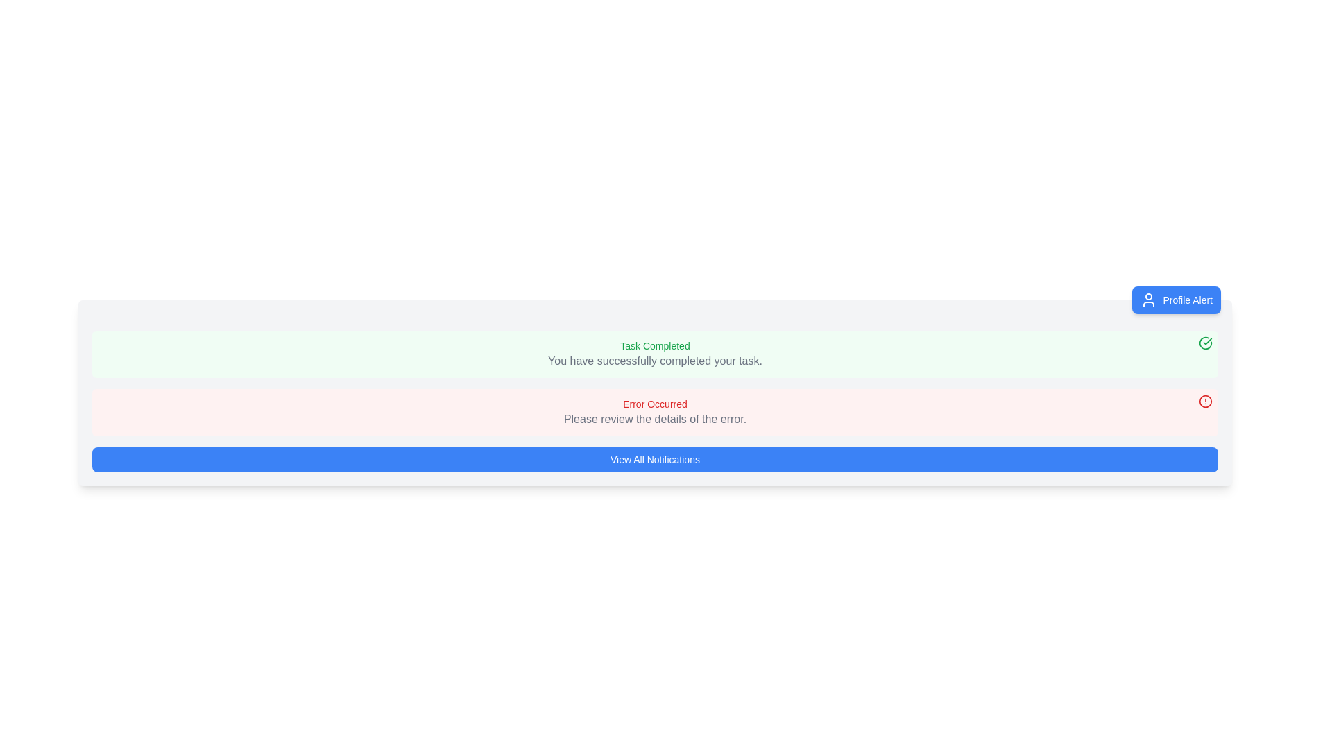  Describe the element at coordinates (1149, 299) in the screenshot. I see `the SVG icon within the 'Profile Alert' button located in the top-right corner` at that location.